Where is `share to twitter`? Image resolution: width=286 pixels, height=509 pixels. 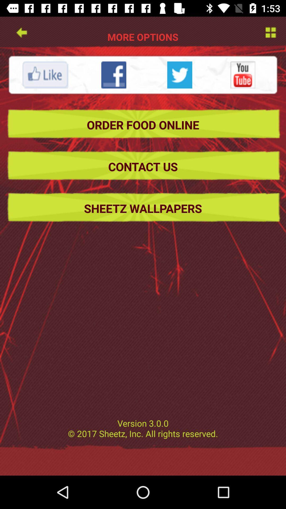
share to twitter is located at coordinates (179, 74).